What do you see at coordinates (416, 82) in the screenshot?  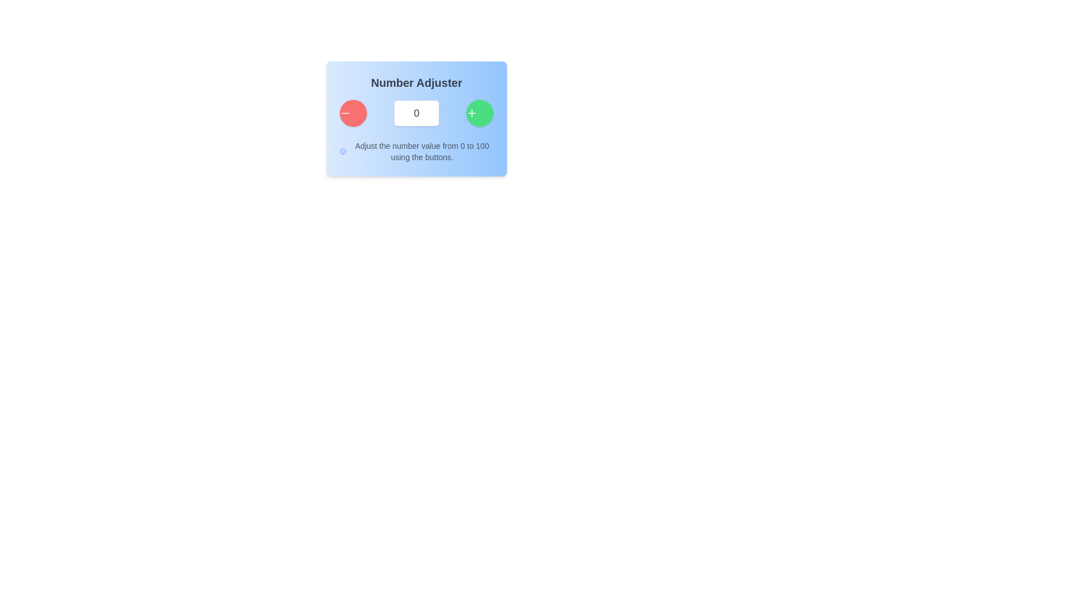 I see `the 'Number Adjuster' text label, which is bold and large, located at the top center of the light blue panel` at bounding box center [416, 82].